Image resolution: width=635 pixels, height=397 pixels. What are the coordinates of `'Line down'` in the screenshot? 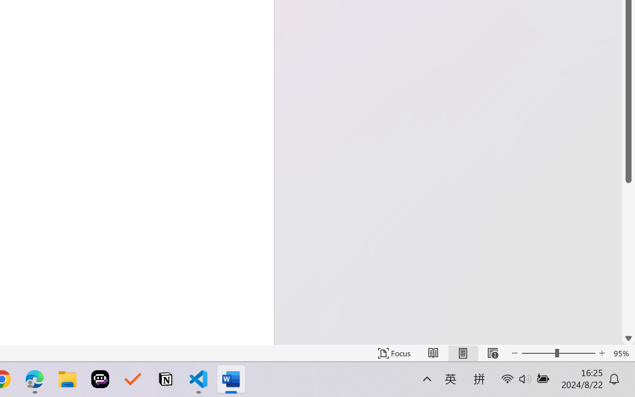 It's located at (628, 338).